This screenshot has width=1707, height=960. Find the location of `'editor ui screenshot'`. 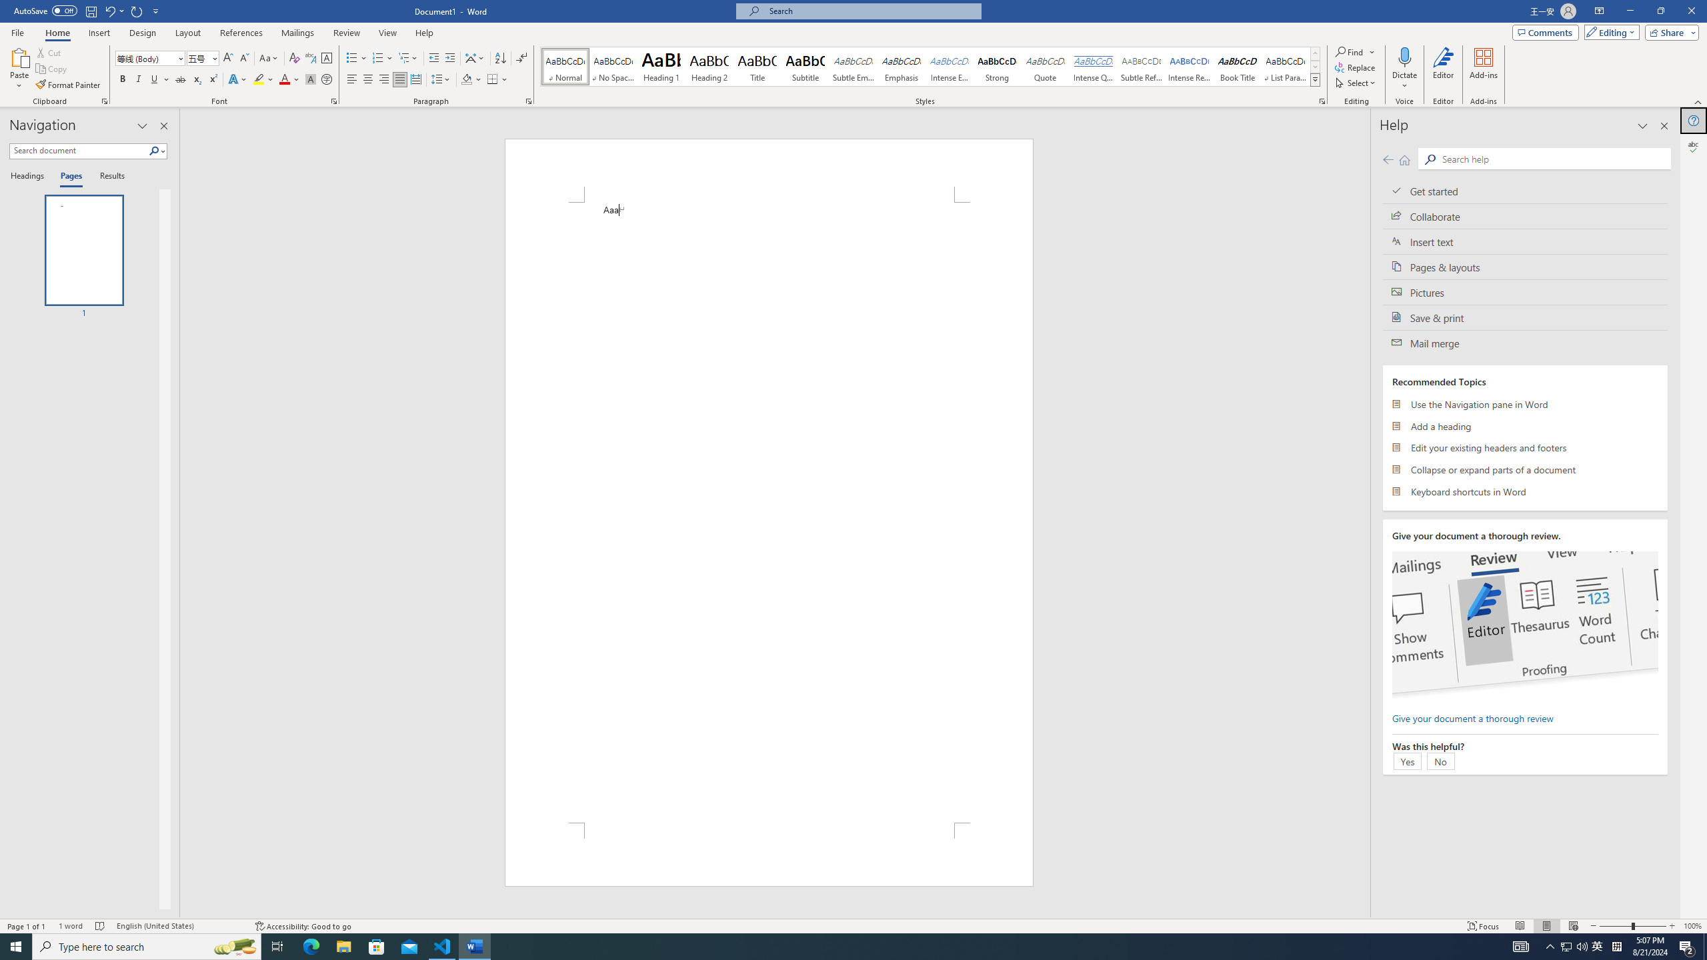

'editor ui screenshot' is located at coordinates (1524, 625).